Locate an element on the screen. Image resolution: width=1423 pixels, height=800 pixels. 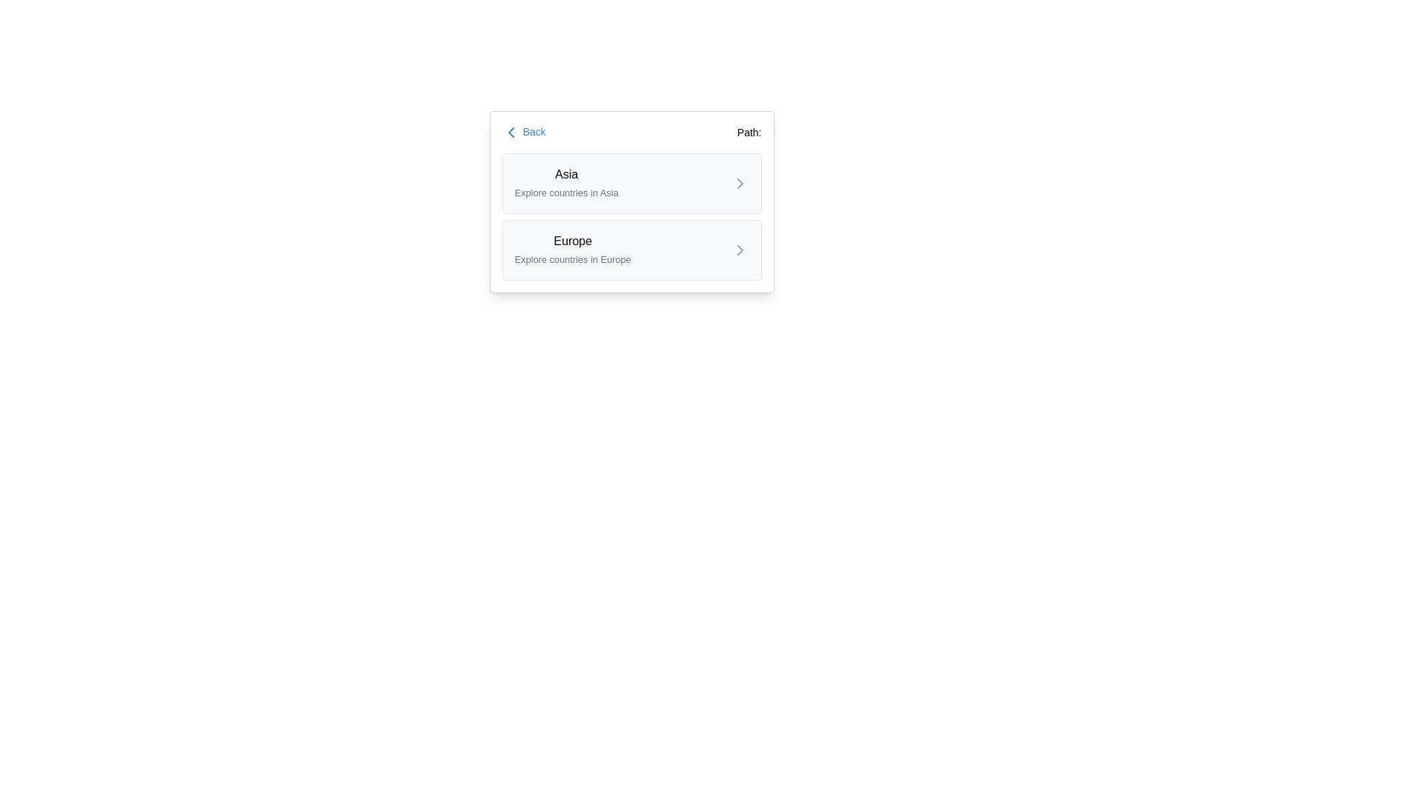
the text label displaying 'Explore countries in Asia', which is styled with the 'text-gray-500' class and located below the text 'Asia' is located at coordinates (565, 192).